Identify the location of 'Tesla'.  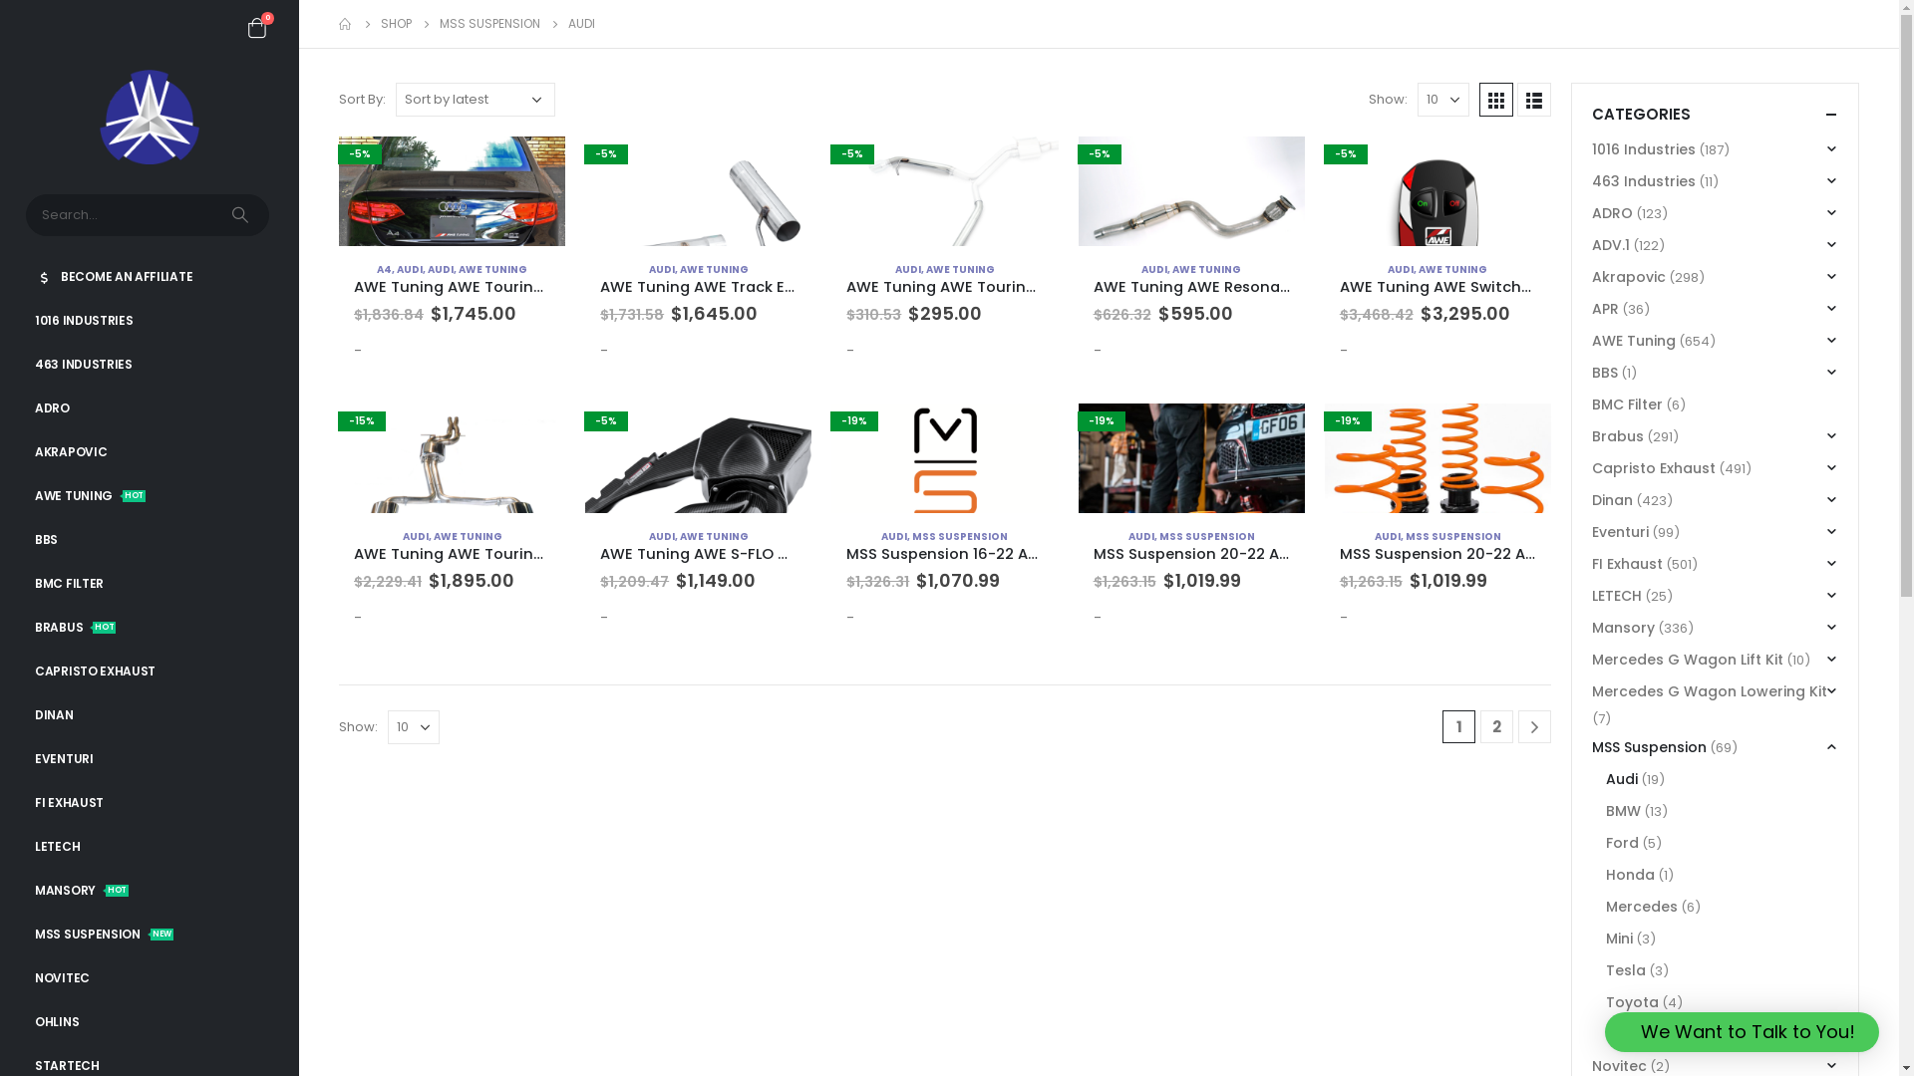
(1626, 969).